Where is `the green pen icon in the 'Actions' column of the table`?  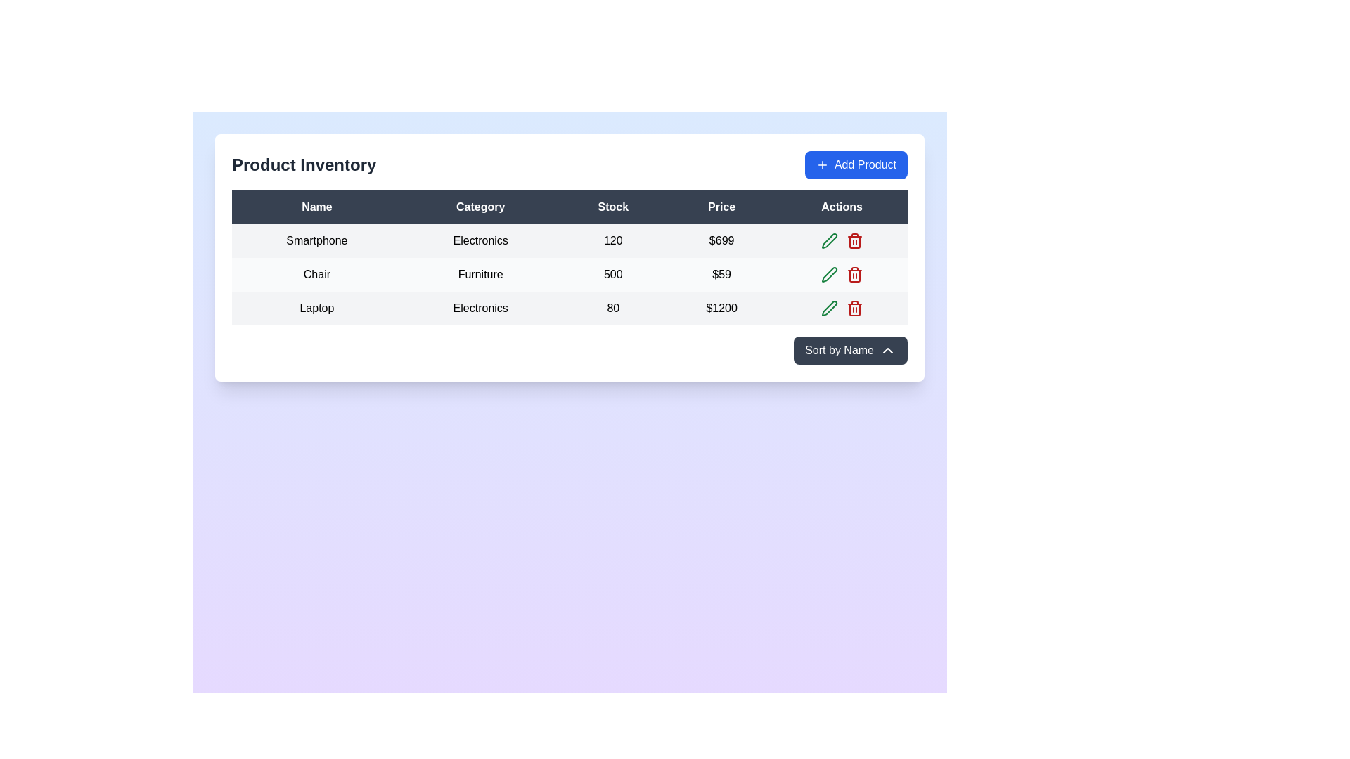 the green pen icon in the 'Actions' column of the table is located at coordinates (829, 308).